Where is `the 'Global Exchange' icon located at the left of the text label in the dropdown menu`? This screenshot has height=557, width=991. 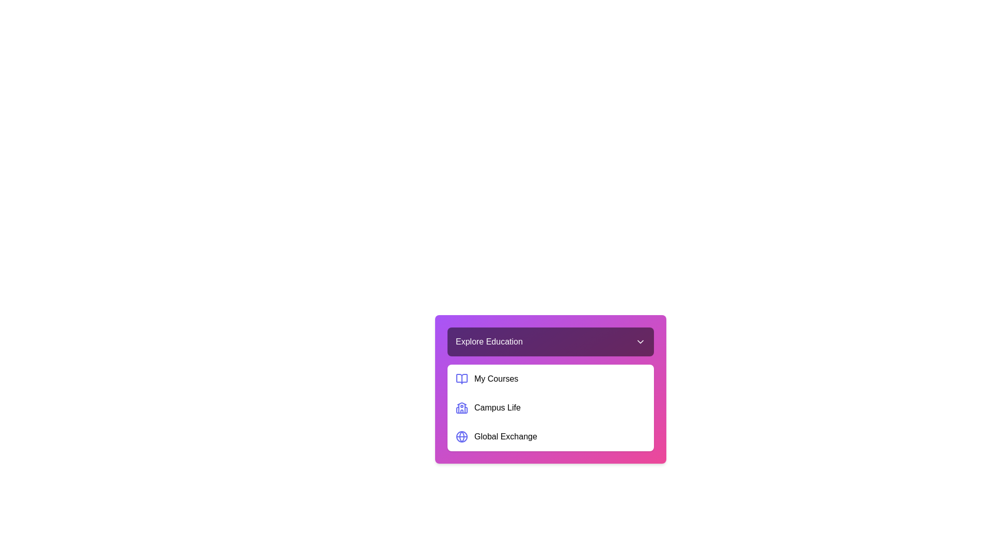 the 'Global Exchange' icon located at the left of the text label in the dropdown menu is located at coordinates (461, 437).